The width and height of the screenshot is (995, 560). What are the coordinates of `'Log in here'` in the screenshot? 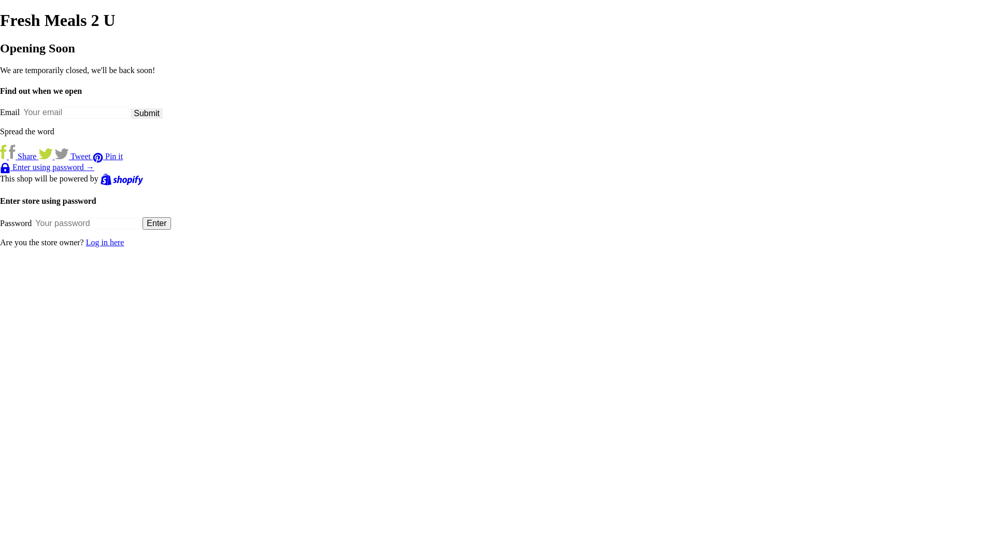 It's located at (105, 242).